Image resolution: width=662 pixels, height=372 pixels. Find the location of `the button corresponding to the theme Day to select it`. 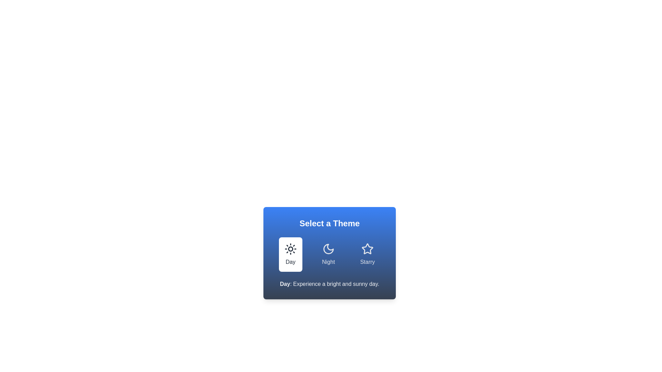

the button corresponding to the theme Day to select it is located at coordinates (290, 255).